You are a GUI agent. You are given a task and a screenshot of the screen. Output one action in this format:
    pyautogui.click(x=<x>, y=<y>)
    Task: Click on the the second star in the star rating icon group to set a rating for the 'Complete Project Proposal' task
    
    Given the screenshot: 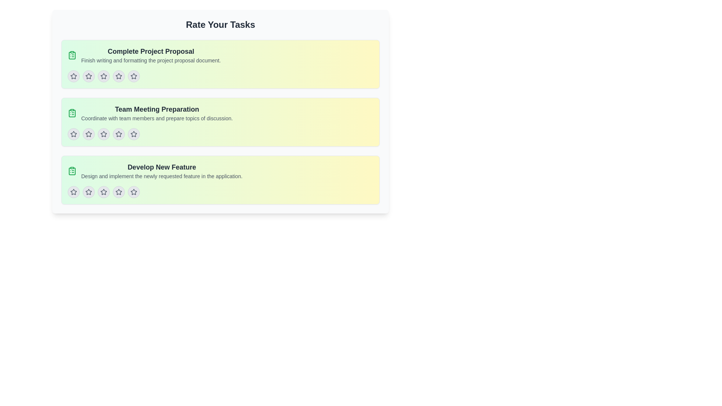 What is the action you would take?
    pyautogui.click(x=118, y=76)
    